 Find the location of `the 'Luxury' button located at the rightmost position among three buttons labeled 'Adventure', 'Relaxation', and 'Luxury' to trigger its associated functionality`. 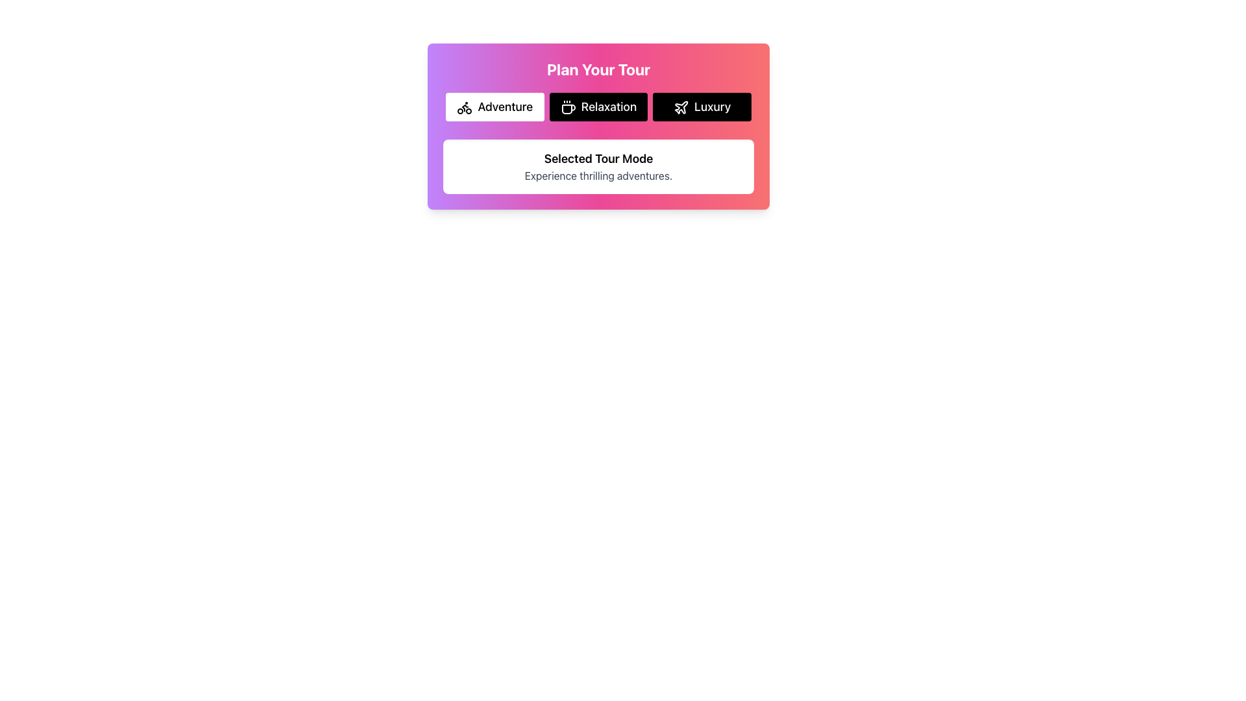

the 'Luxury' button located at the rightmost position among three buttons labeled 'Adventure', 'Relaxation', and 'Luxury' to trigger its associated functionality is located at coordinates (701, 106).